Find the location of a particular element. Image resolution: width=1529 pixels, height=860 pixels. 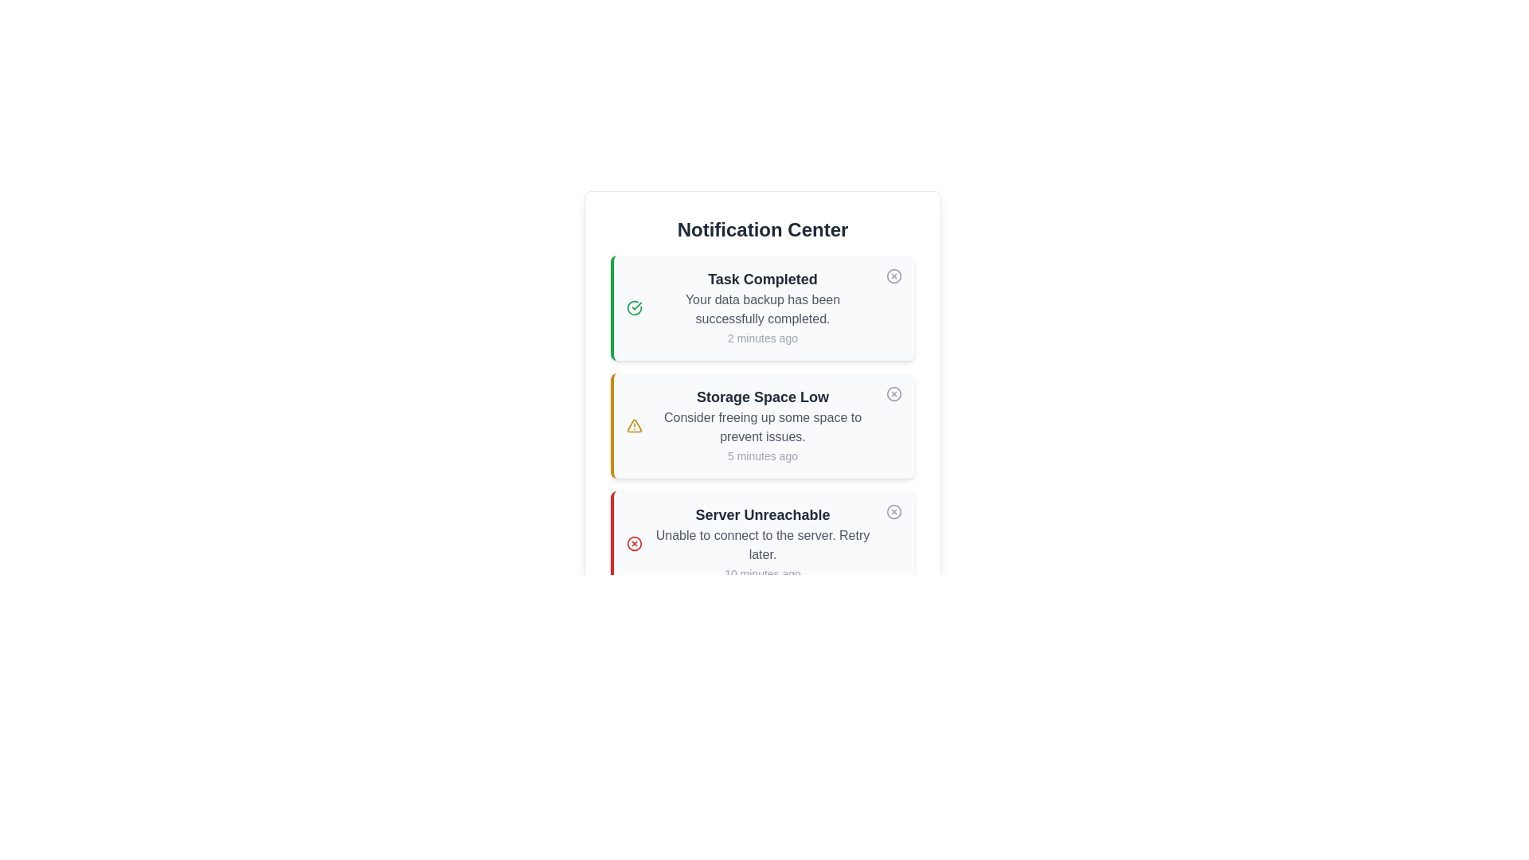

the Vector-based graphical element representing the 'Server Unreachable' notification status, located at the bottom right of the notification card is located at coordinates (894, 512).